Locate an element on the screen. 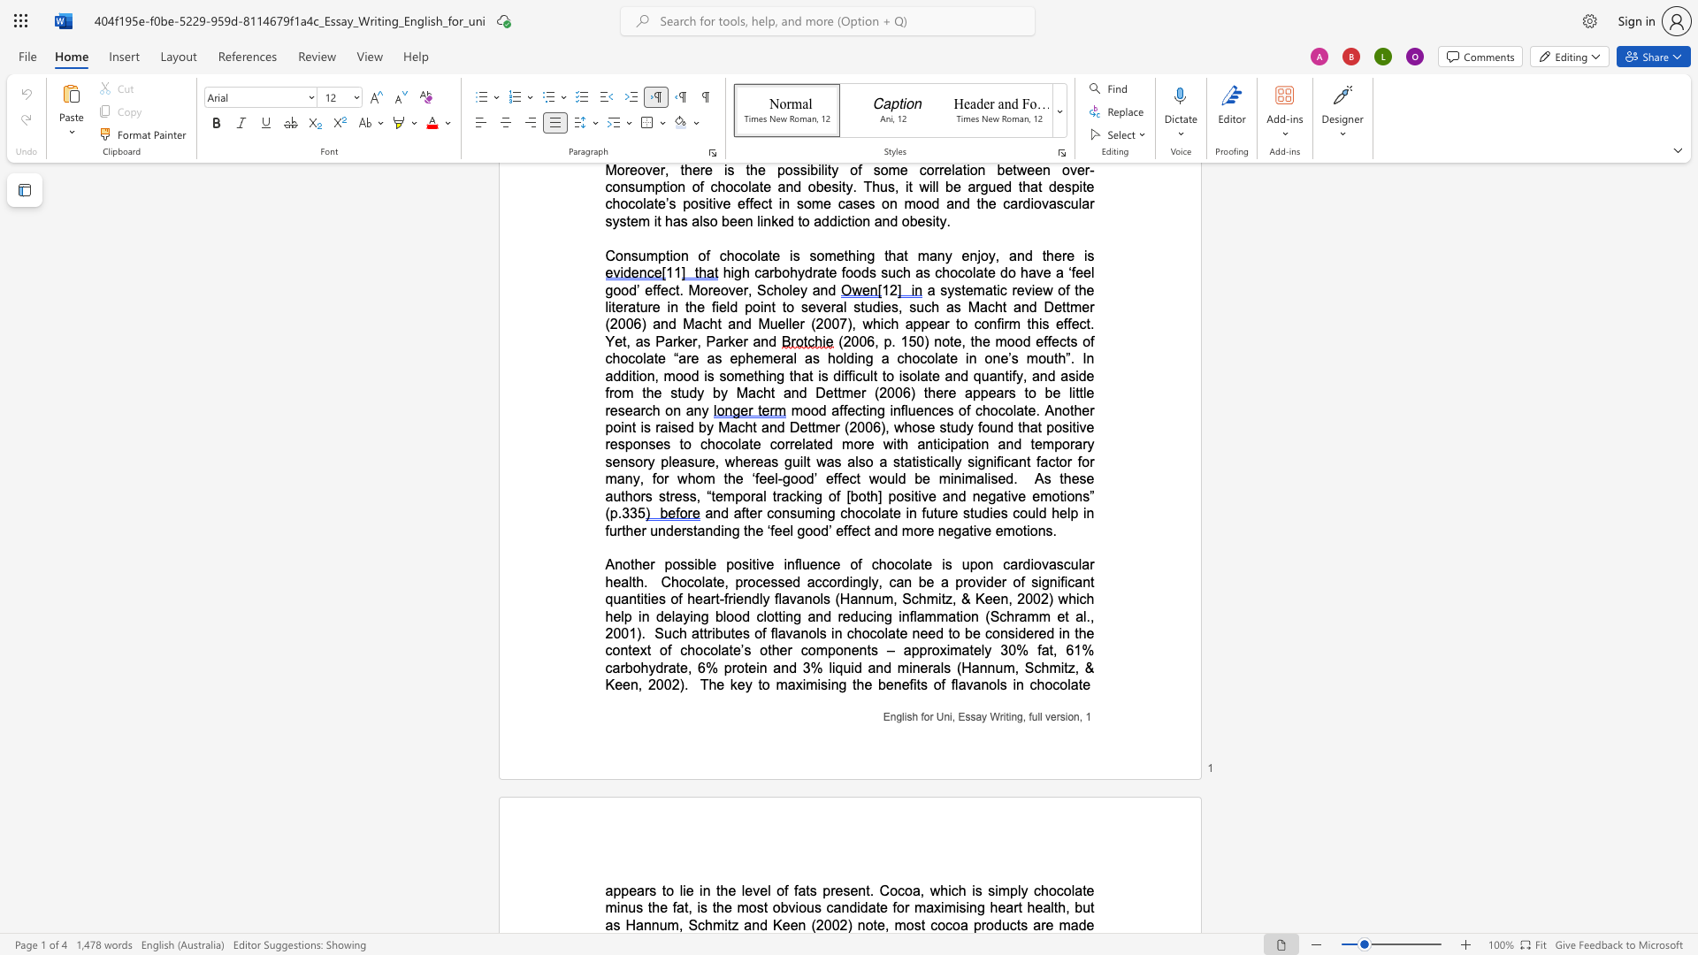  the space between the continuous character "o" and "n" in the text is located at coordinates (984, 564).